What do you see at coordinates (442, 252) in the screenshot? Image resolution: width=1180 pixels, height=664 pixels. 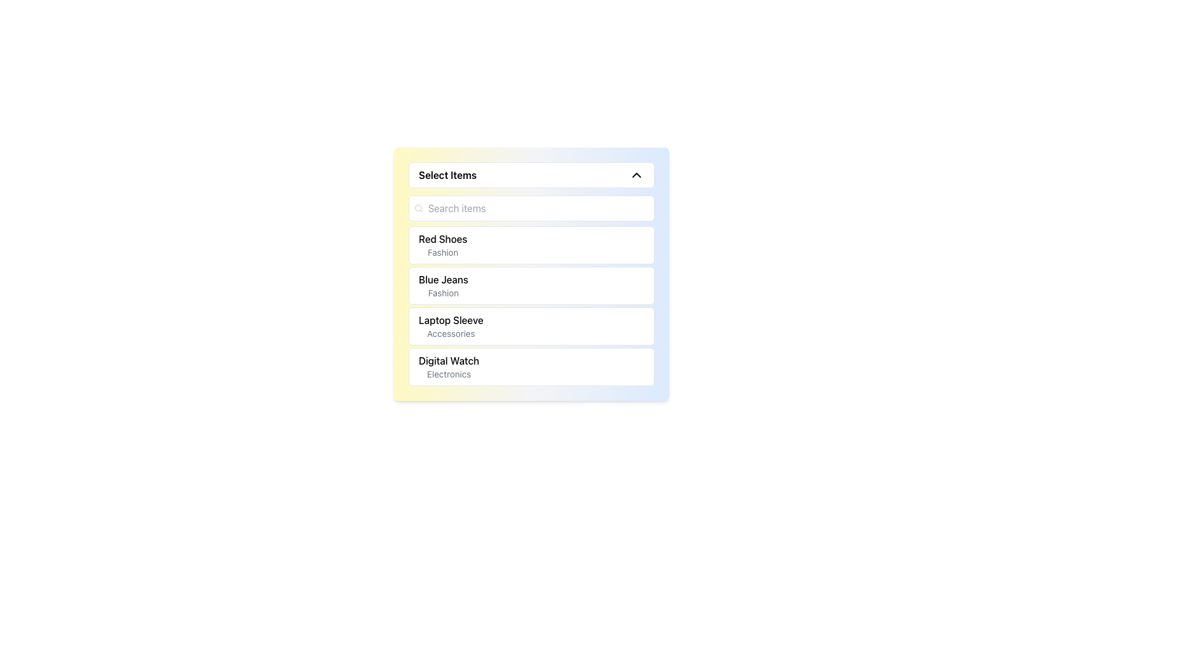 I see `the text label 'Fashion' which is displayed in a smaller, gray font beneath the bold main label 'Red Shoes'` at bounding box center [442, 252].